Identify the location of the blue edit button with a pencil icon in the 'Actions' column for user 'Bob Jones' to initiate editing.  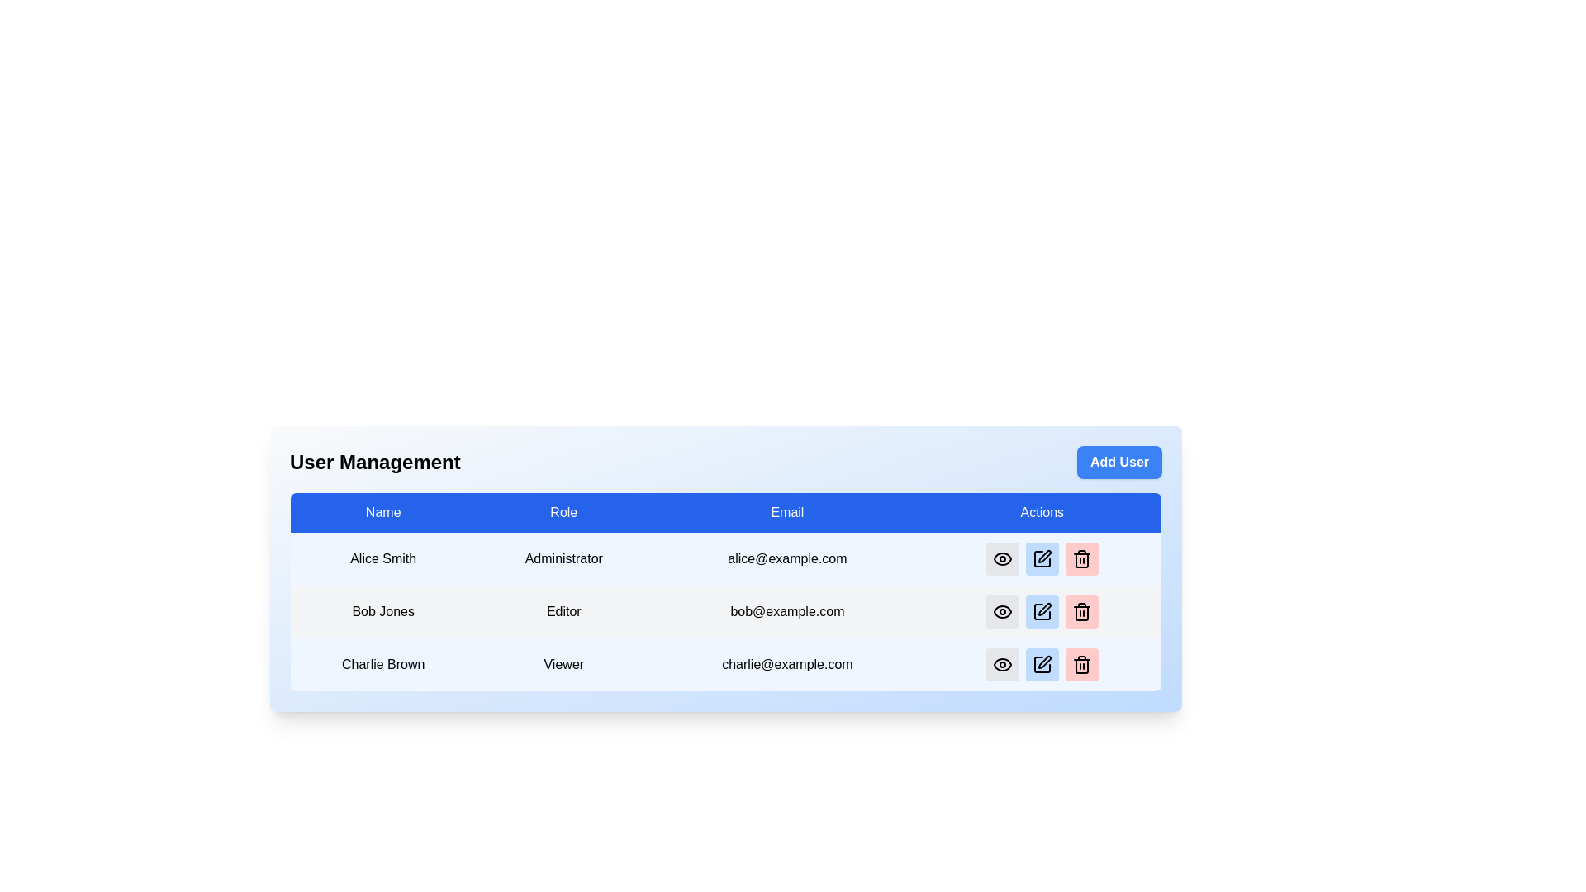
(1041, 611).